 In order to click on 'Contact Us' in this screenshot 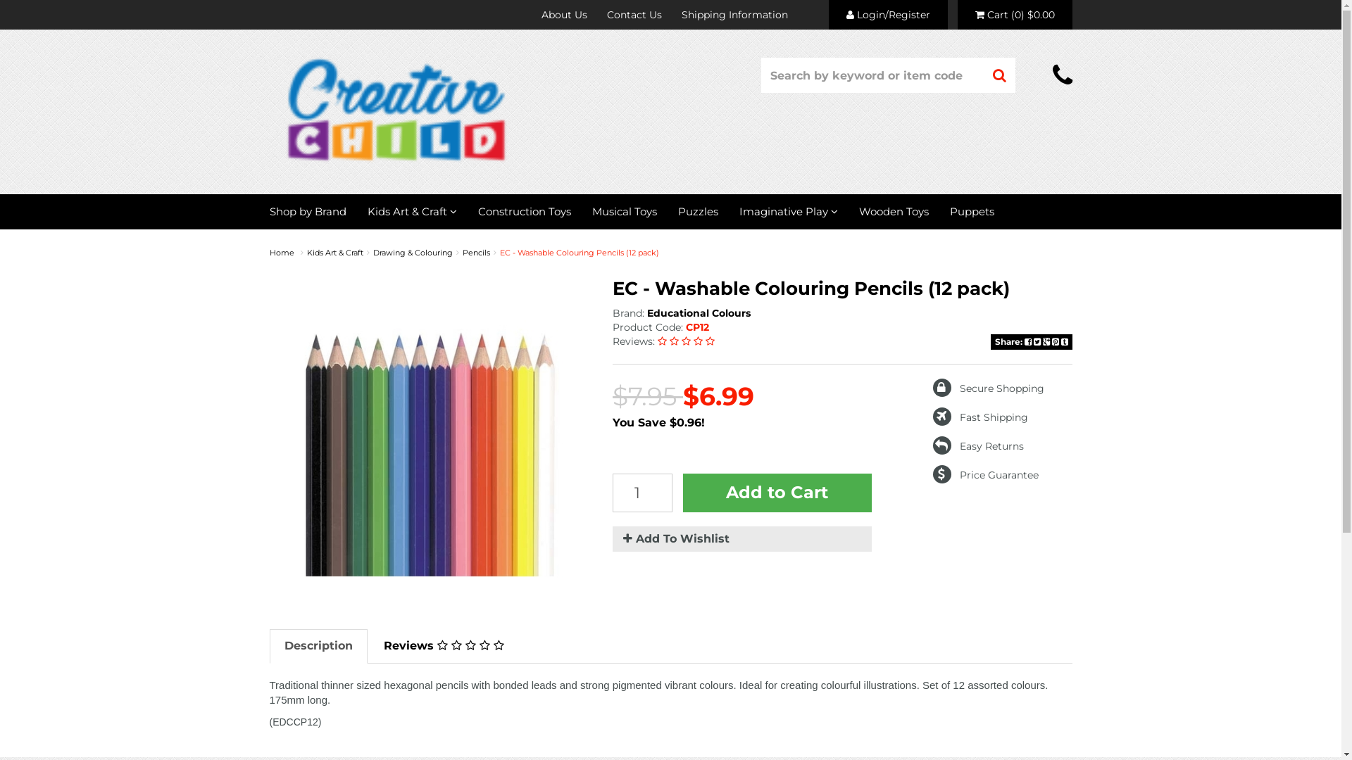, I will do `click(634, 14)`.